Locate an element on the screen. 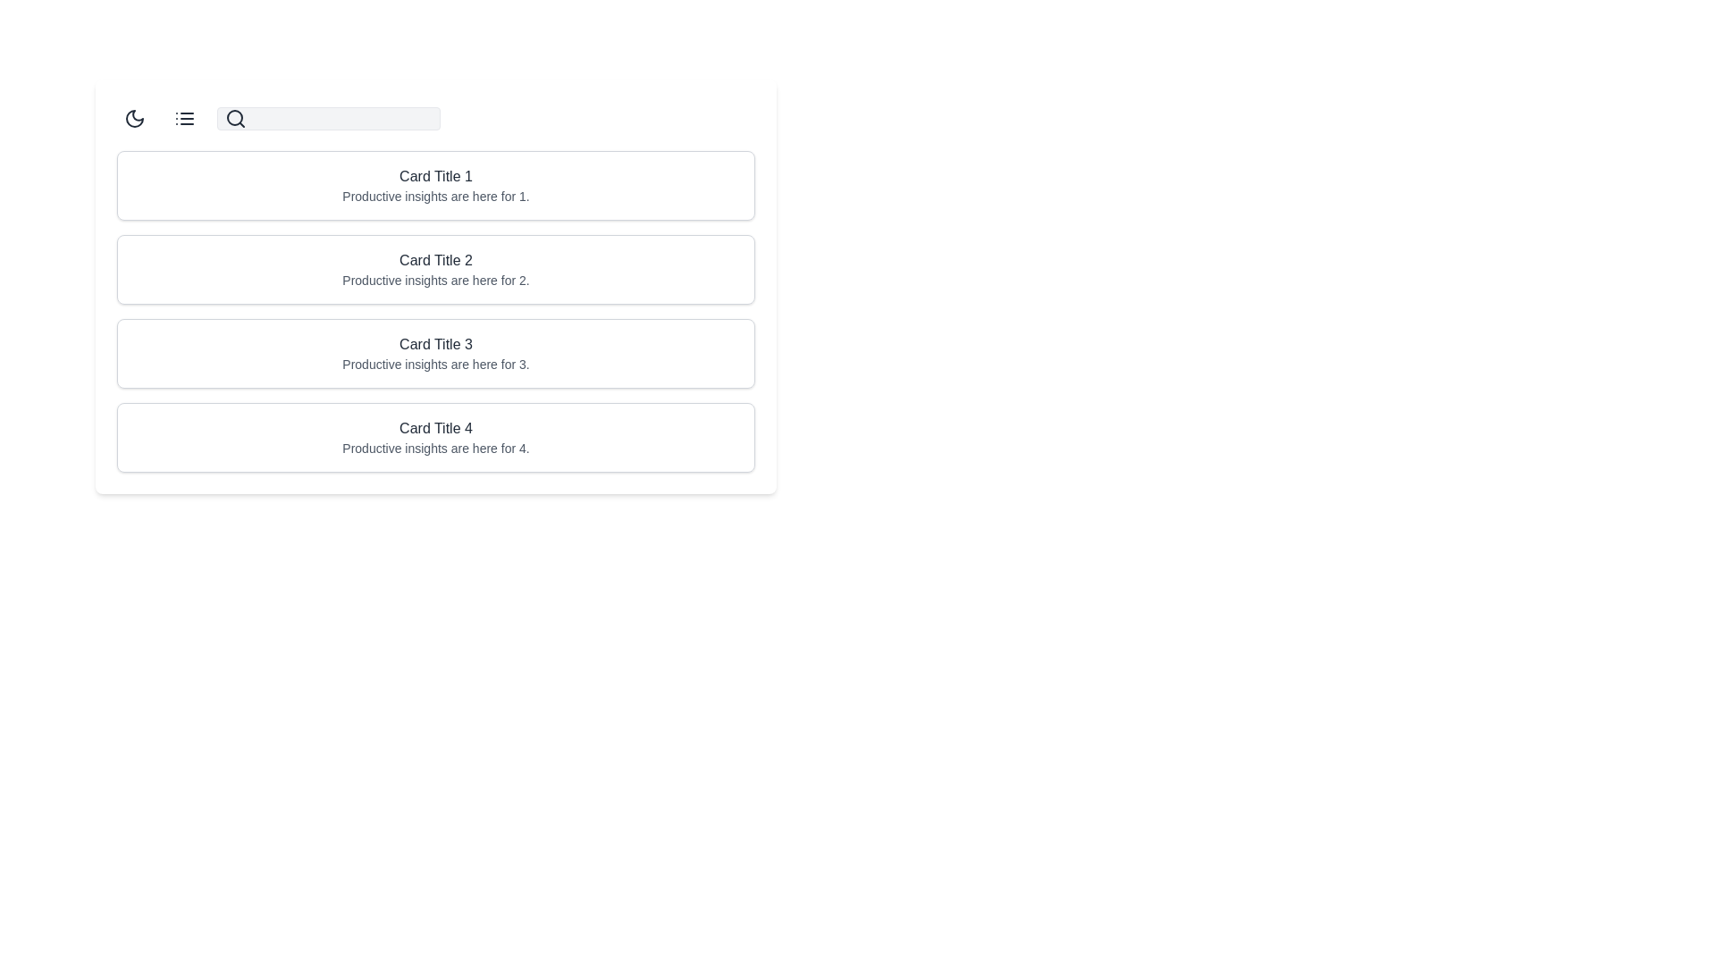 Image resolution: width=1716 pixels, height=965 pixels. the second card item in the list which displays a title and a short description is located at coordinates (436, 310).